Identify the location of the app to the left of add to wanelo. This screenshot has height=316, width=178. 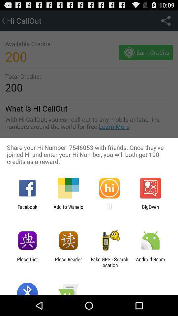
(27, 209).